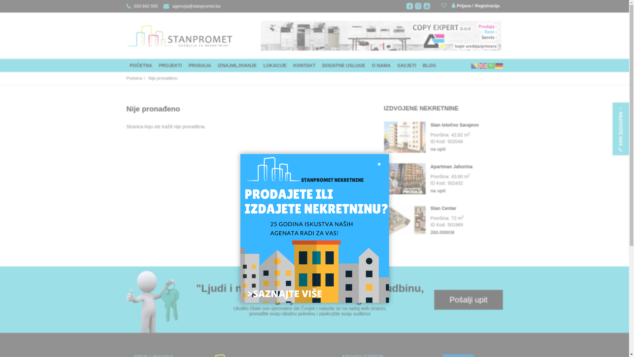  What do you see at coordinates (451, 6) in the screenshot?
I see `'Prijava'` at bounding box center [451, 6].